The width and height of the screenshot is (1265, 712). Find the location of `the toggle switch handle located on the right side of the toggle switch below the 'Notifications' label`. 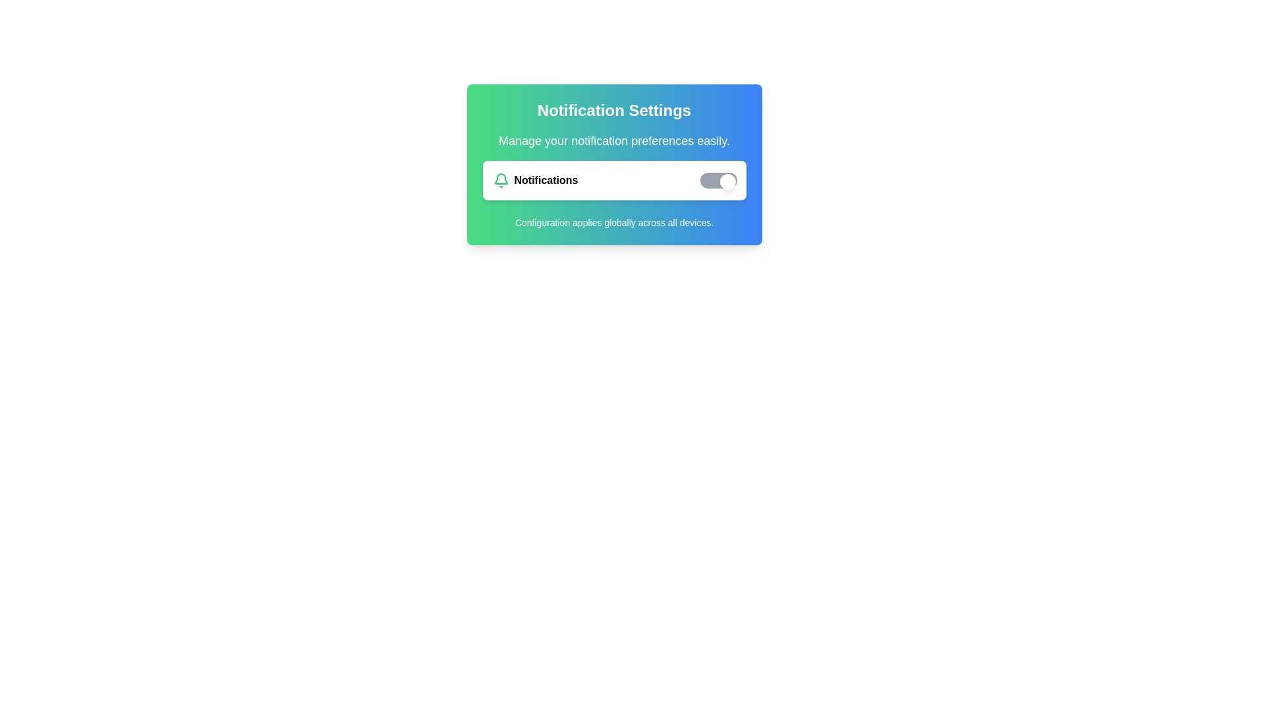

the toggle switch handle located on the right side of the toggle switch below the 'Notifications' label is located at coordinates (727, 182).